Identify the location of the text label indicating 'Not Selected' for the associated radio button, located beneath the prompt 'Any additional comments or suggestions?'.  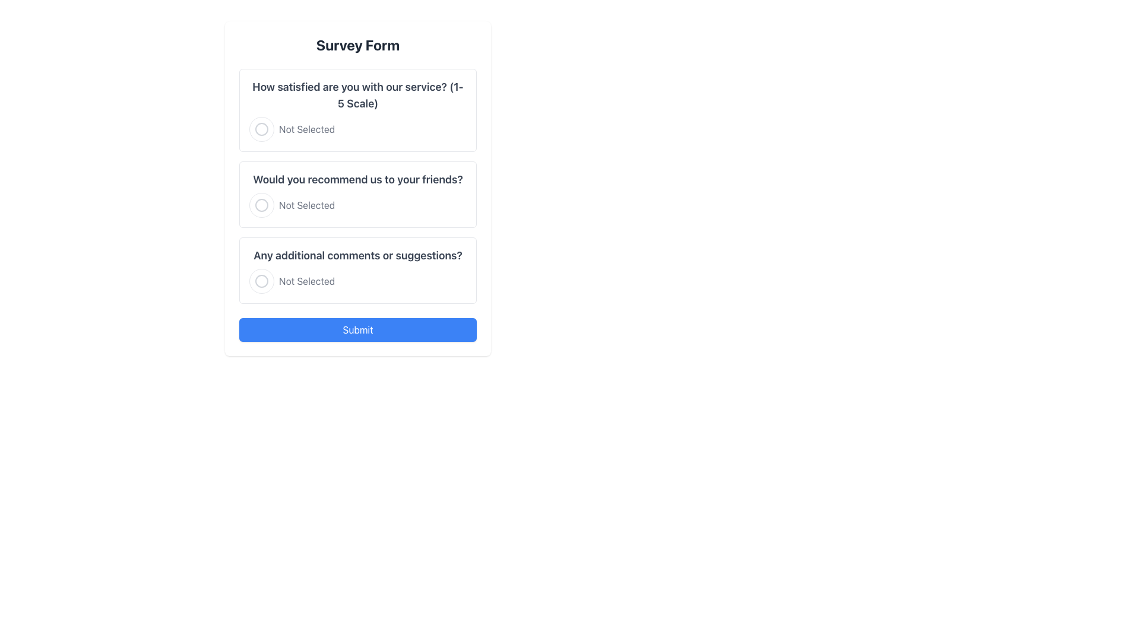
(307, 281).